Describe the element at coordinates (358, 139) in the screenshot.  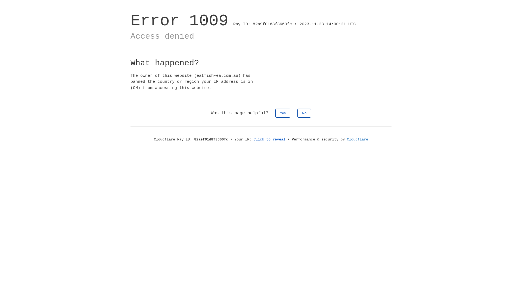
I see `'Cloudflare'` at that location.